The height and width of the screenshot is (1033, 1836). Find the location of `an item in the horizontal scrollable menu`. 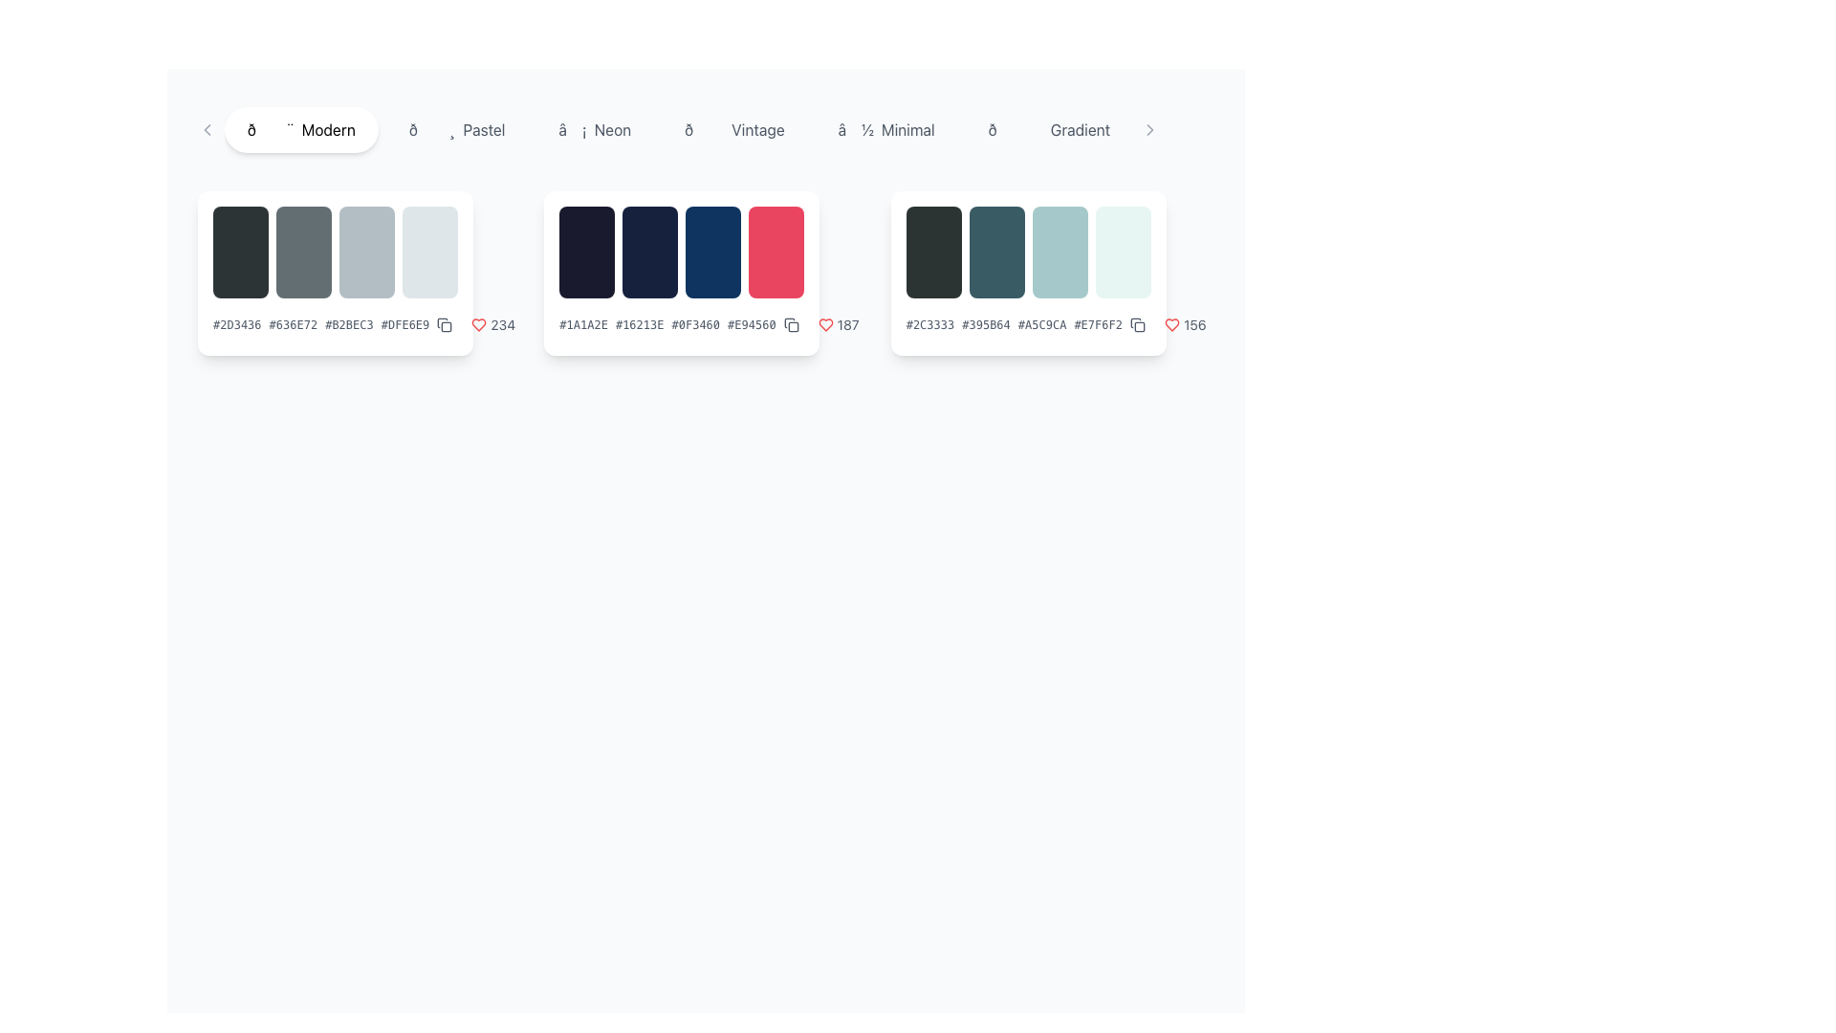

an item in the horizontal scrollable menu is located at coordinates (705, 129).